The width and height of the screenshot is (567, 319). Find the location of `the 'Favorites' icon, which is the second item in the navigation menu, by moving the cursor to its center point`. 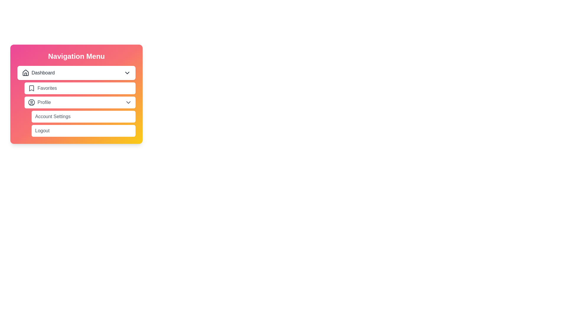

the 'Favorites' icon, which is the second item in the navigation menu, by moving the cursor to its center point is located at coordinates (31, 88).